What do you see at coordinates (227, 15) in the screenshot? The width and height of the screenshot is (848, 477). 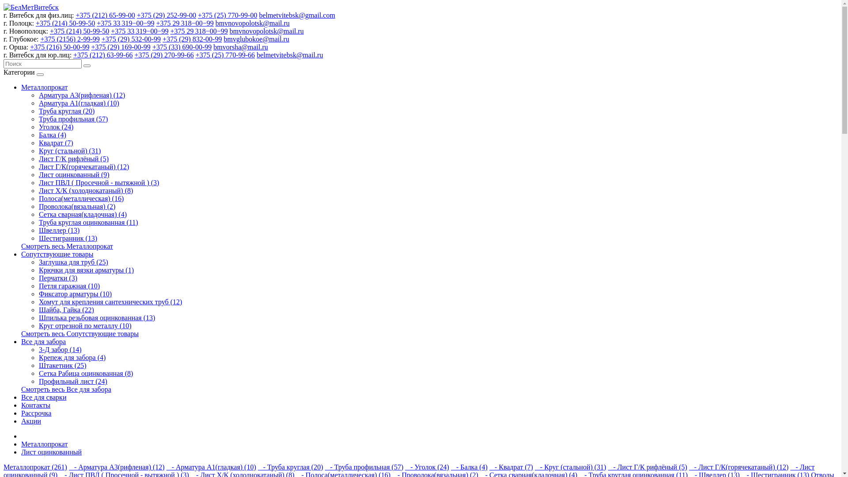 I see `'+375 (25) 770-99-00'` at bounding box center [227, 15].